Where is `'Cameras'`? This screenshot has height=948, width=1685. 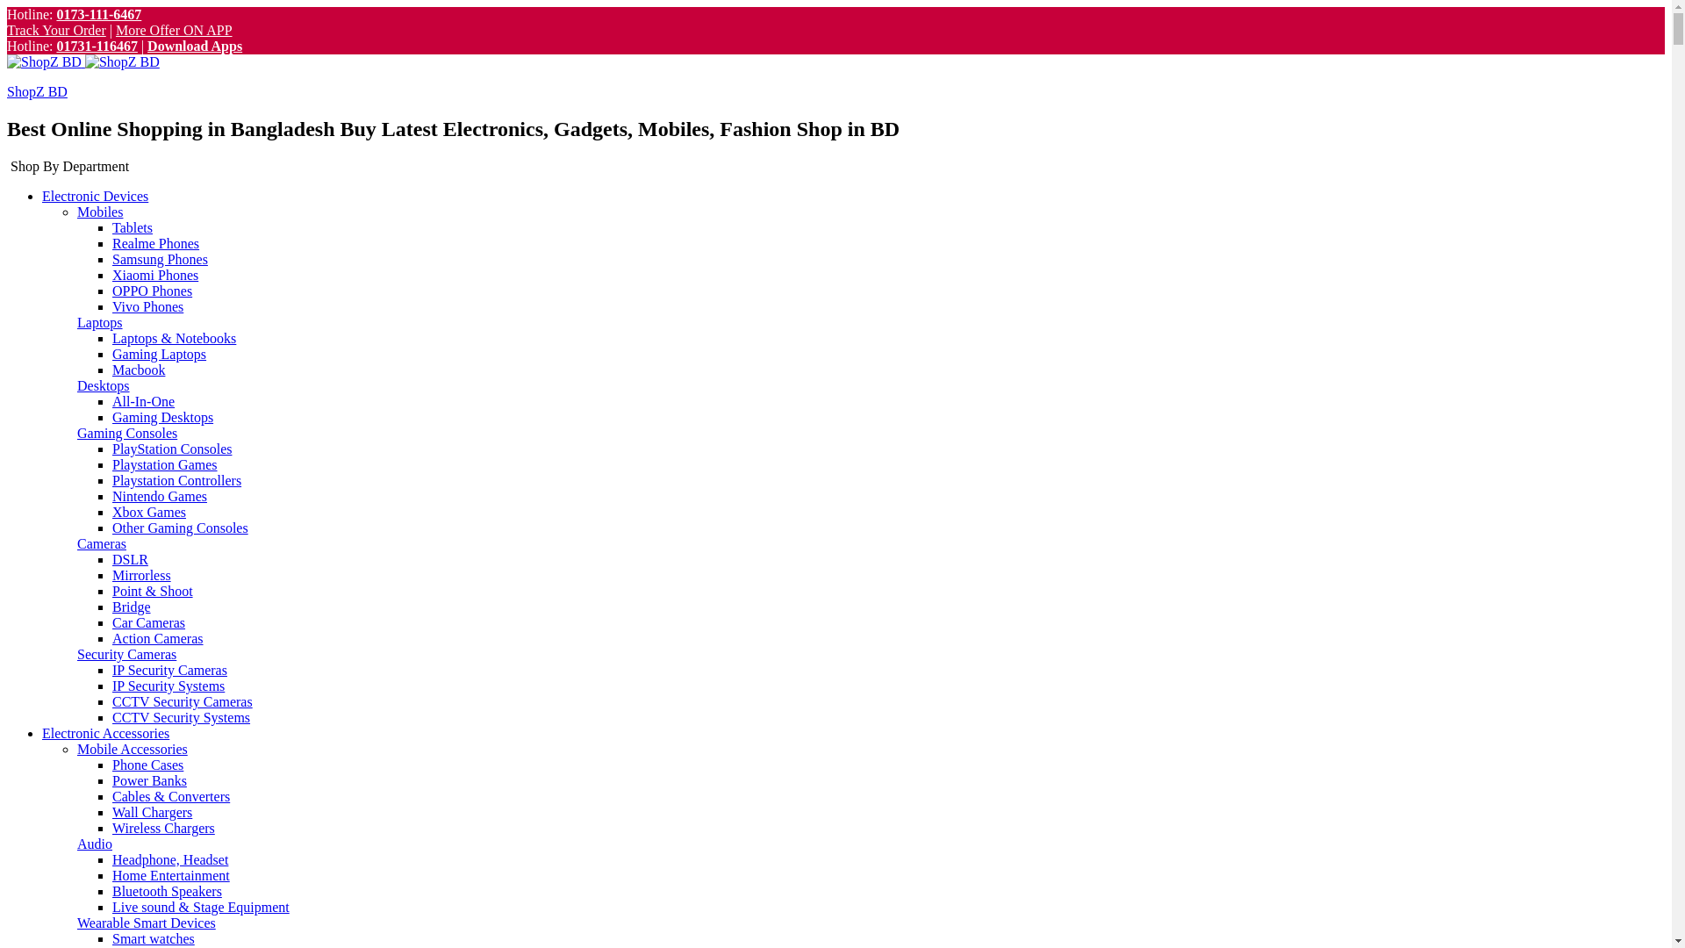
'Cameras' is located at coordinates (100, 542).